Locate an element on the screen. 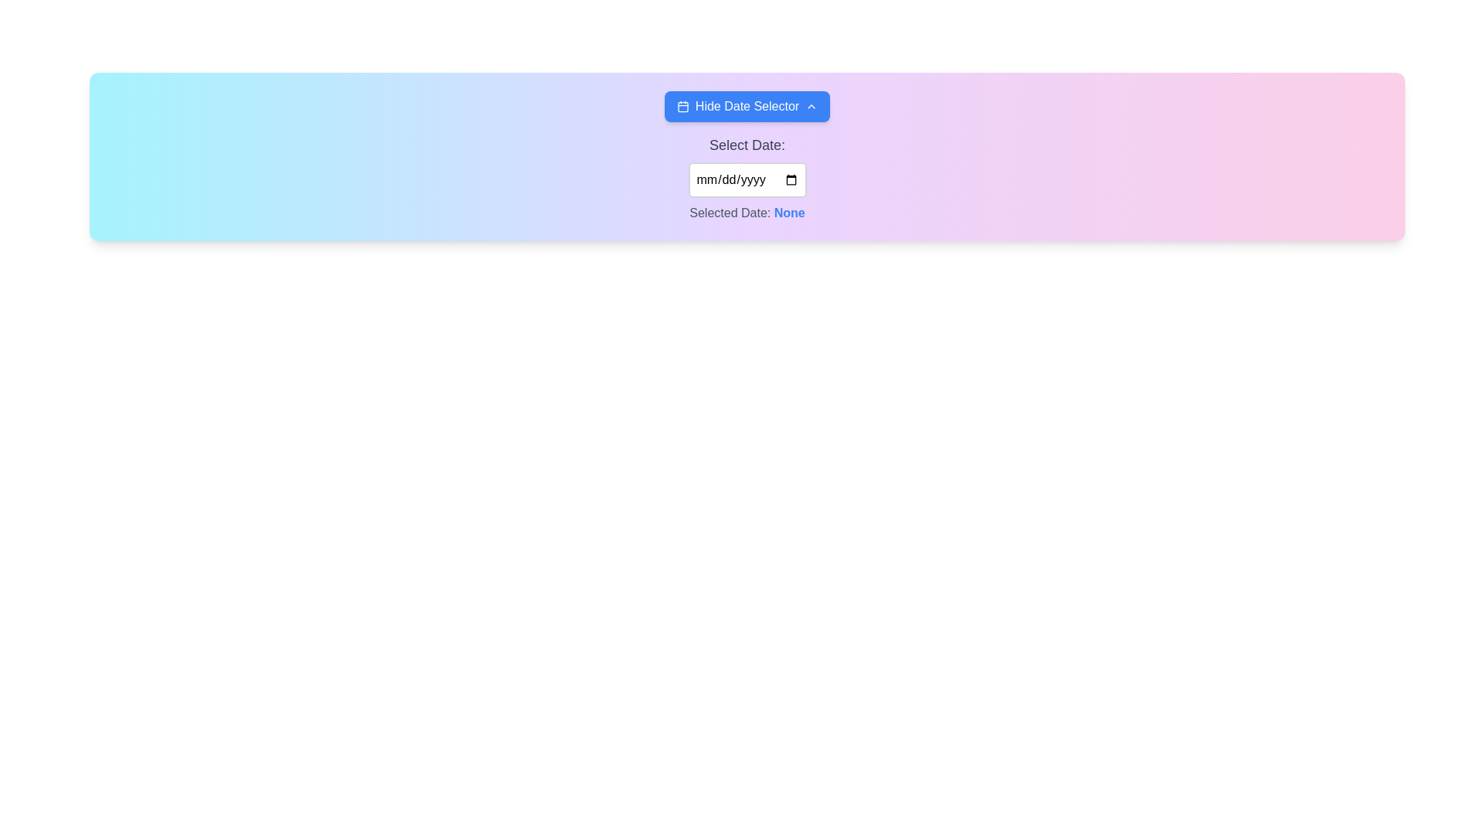 This screenshot has height=835, width=1484. displayed date from the static text label that shows 'Selected Date: None', where 'None' is in blue font is located at coordinates (747, 213).